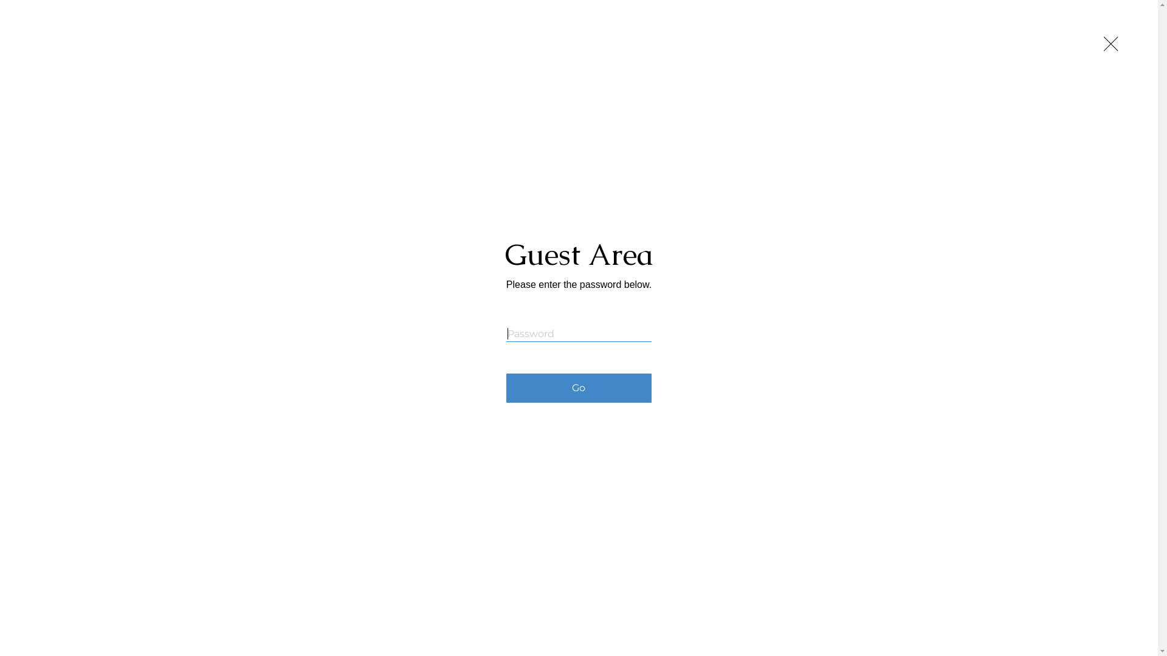 This screenshot has width=1167, height=656. Describe the element at coordinates (578, 388) in the screenshot. I see `'Go'` at that location.